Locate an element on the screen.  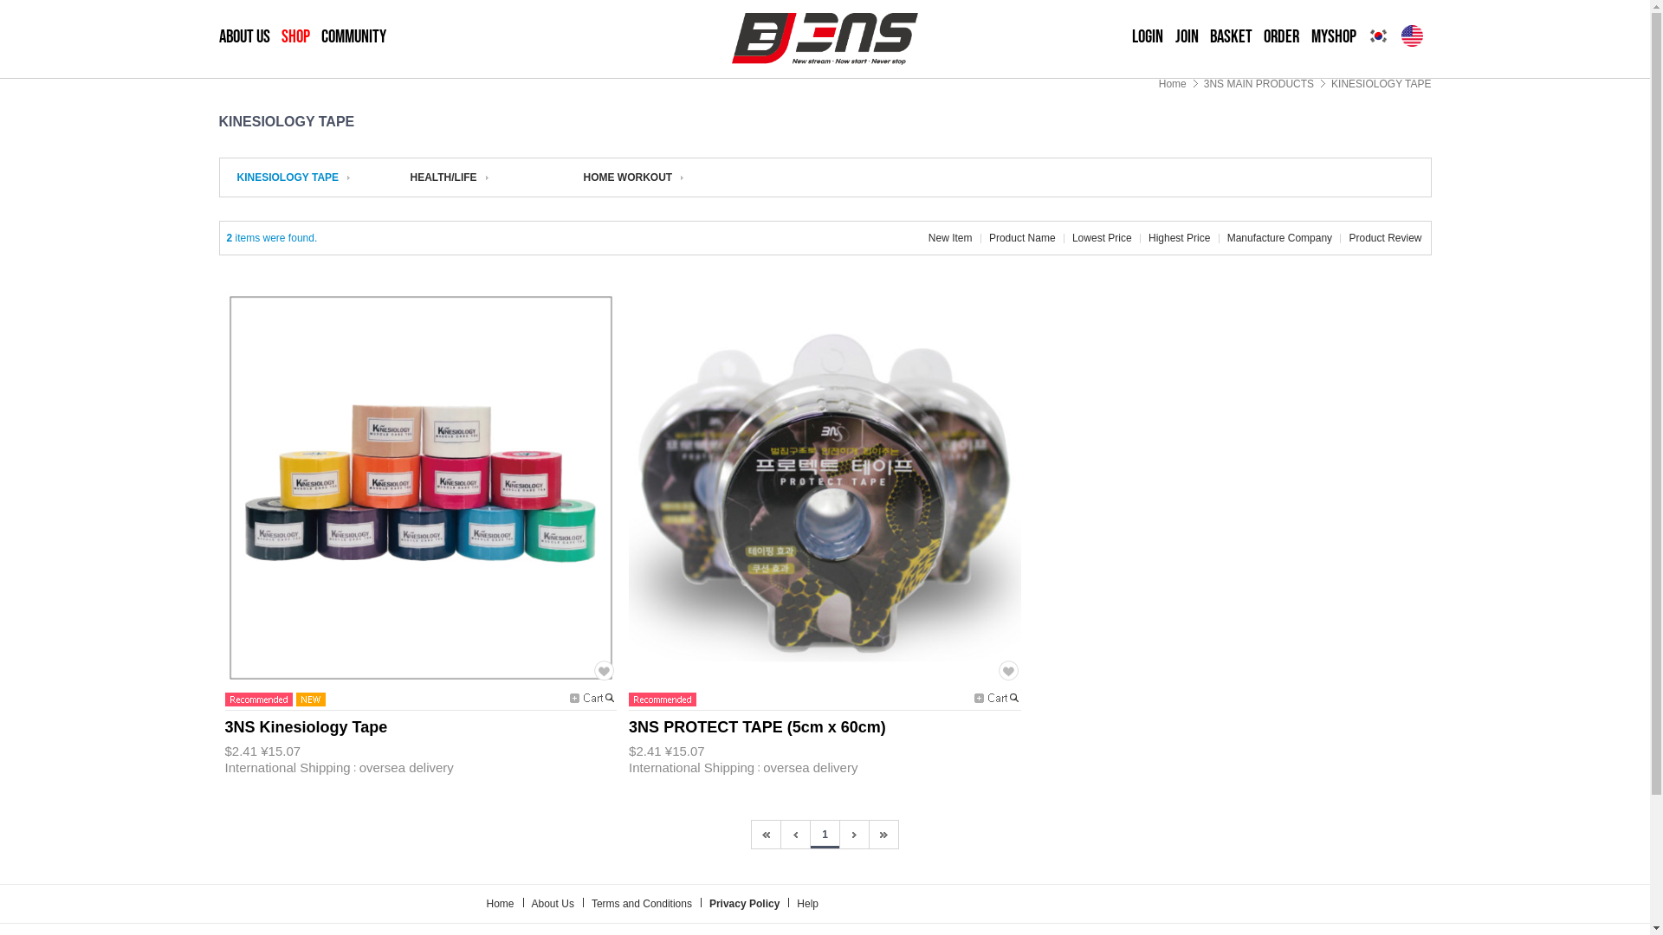
'HOME WORKOUT' is located at coordinates (583, 177).